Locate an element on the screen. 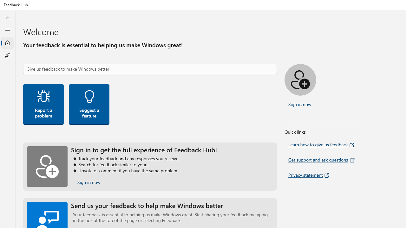 This screenshot has width=406, height=228. 'Privacy statement' is located at coordinates (309, 175).